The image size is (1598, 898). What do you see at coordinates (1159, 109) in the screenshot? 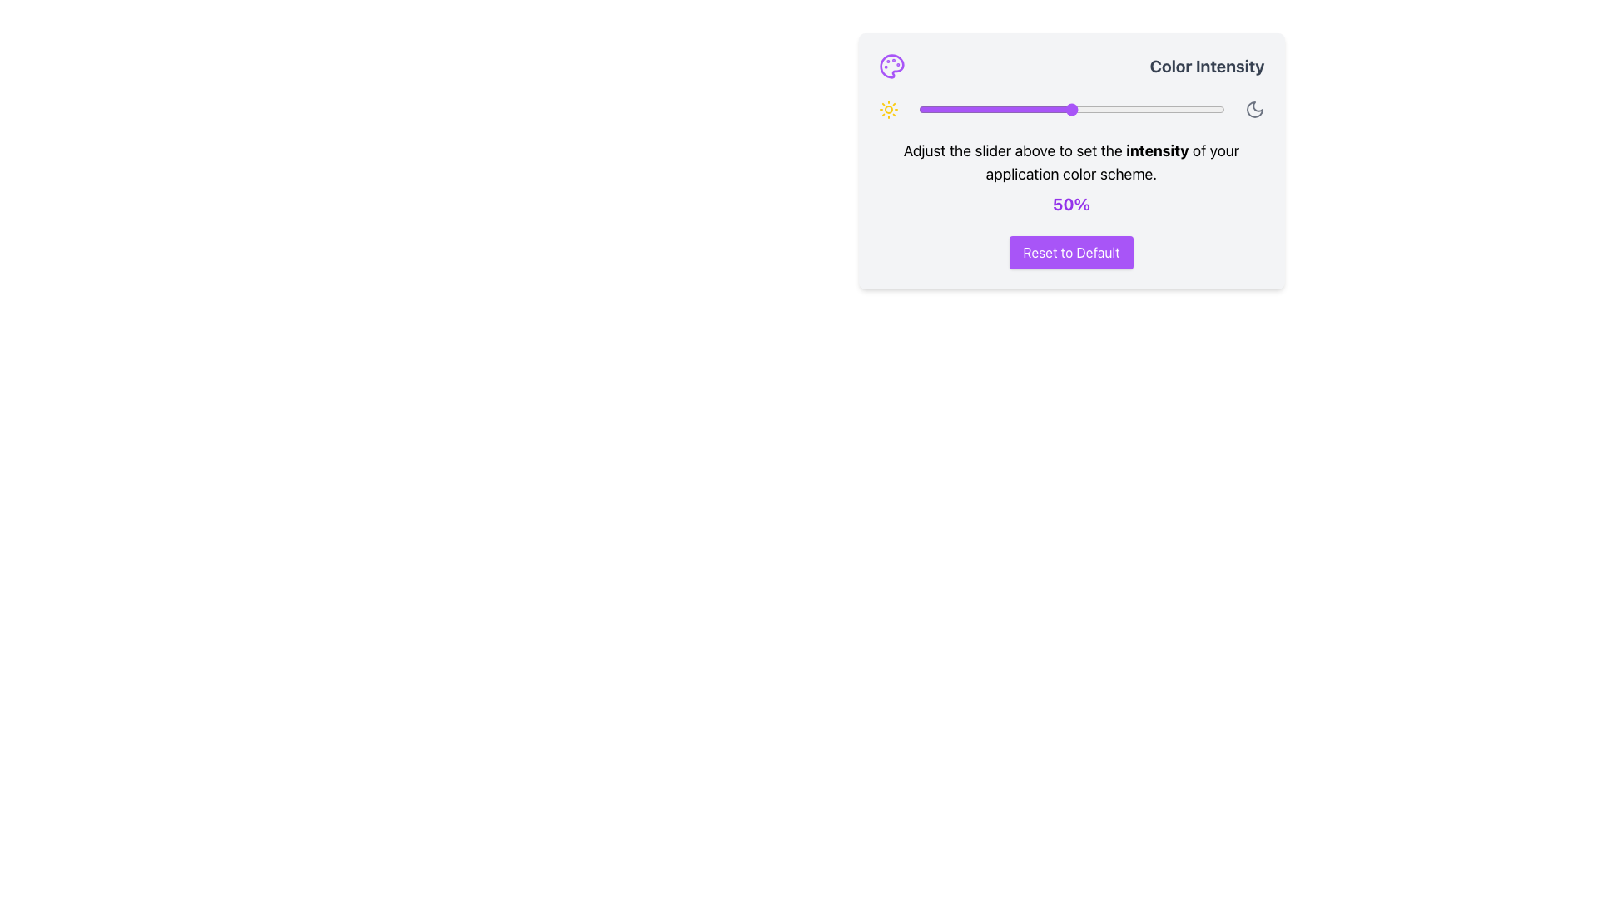
I see `the color intensity slider` at bounding box center [1159, 109].